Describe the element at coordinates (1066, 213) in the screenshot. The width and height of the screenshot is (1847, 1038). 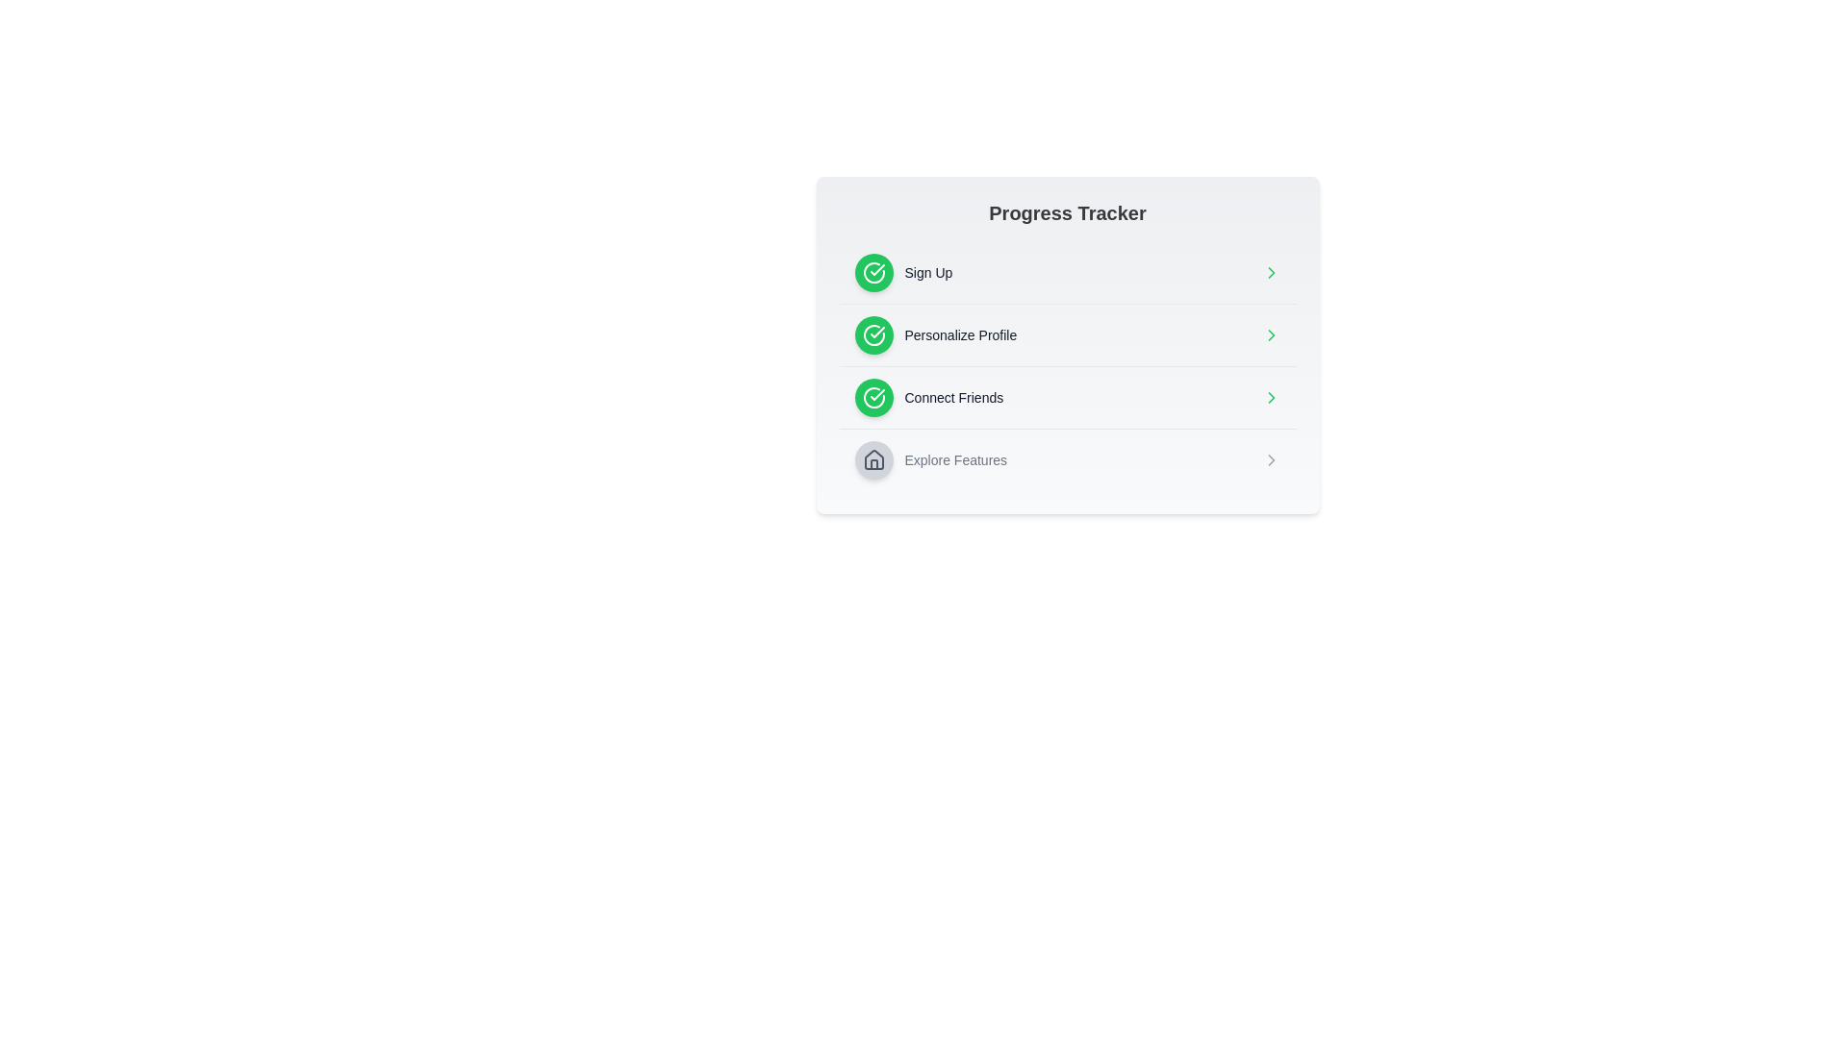
I see `the text label that displays 'Progress Tracker', which is styled in bold font and is positioned at the top of a list-like component` at that location.